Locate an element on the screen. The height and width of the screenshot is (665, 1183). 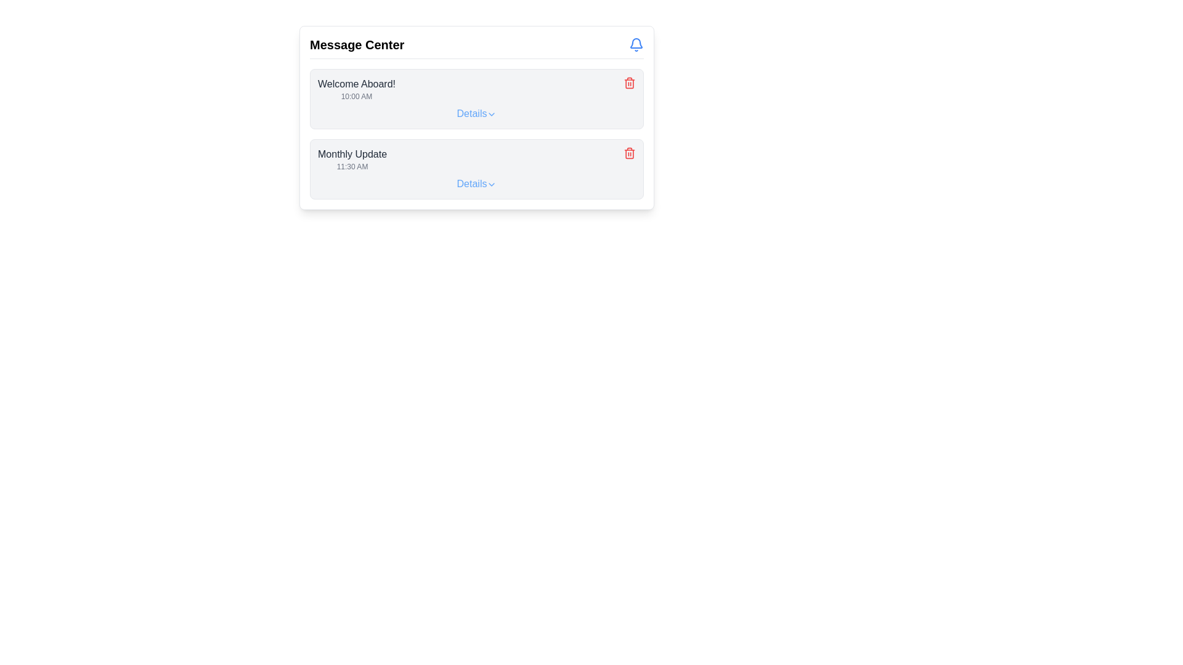
the title Text label located at the top-left of the first message block in the 'Message Center', which is centrally aligned above the timestamp '10:00 AM' is located at coordinates (356, 84).